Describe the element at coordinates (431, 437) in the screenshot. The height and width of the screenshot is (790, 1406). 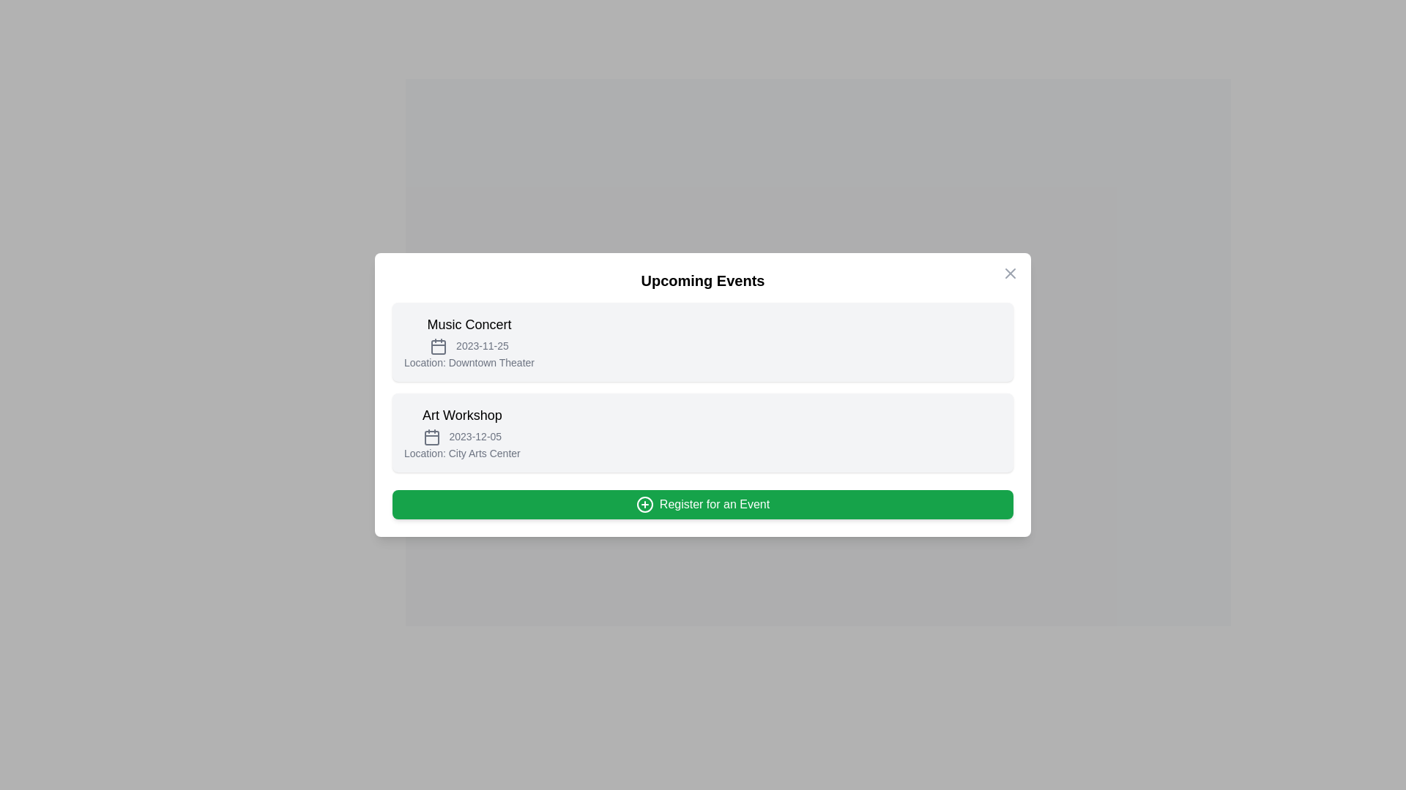
I see `the small calendar icon located to the left of the date '2023-12-05' under the 'Art Workshop' event details` at that location.